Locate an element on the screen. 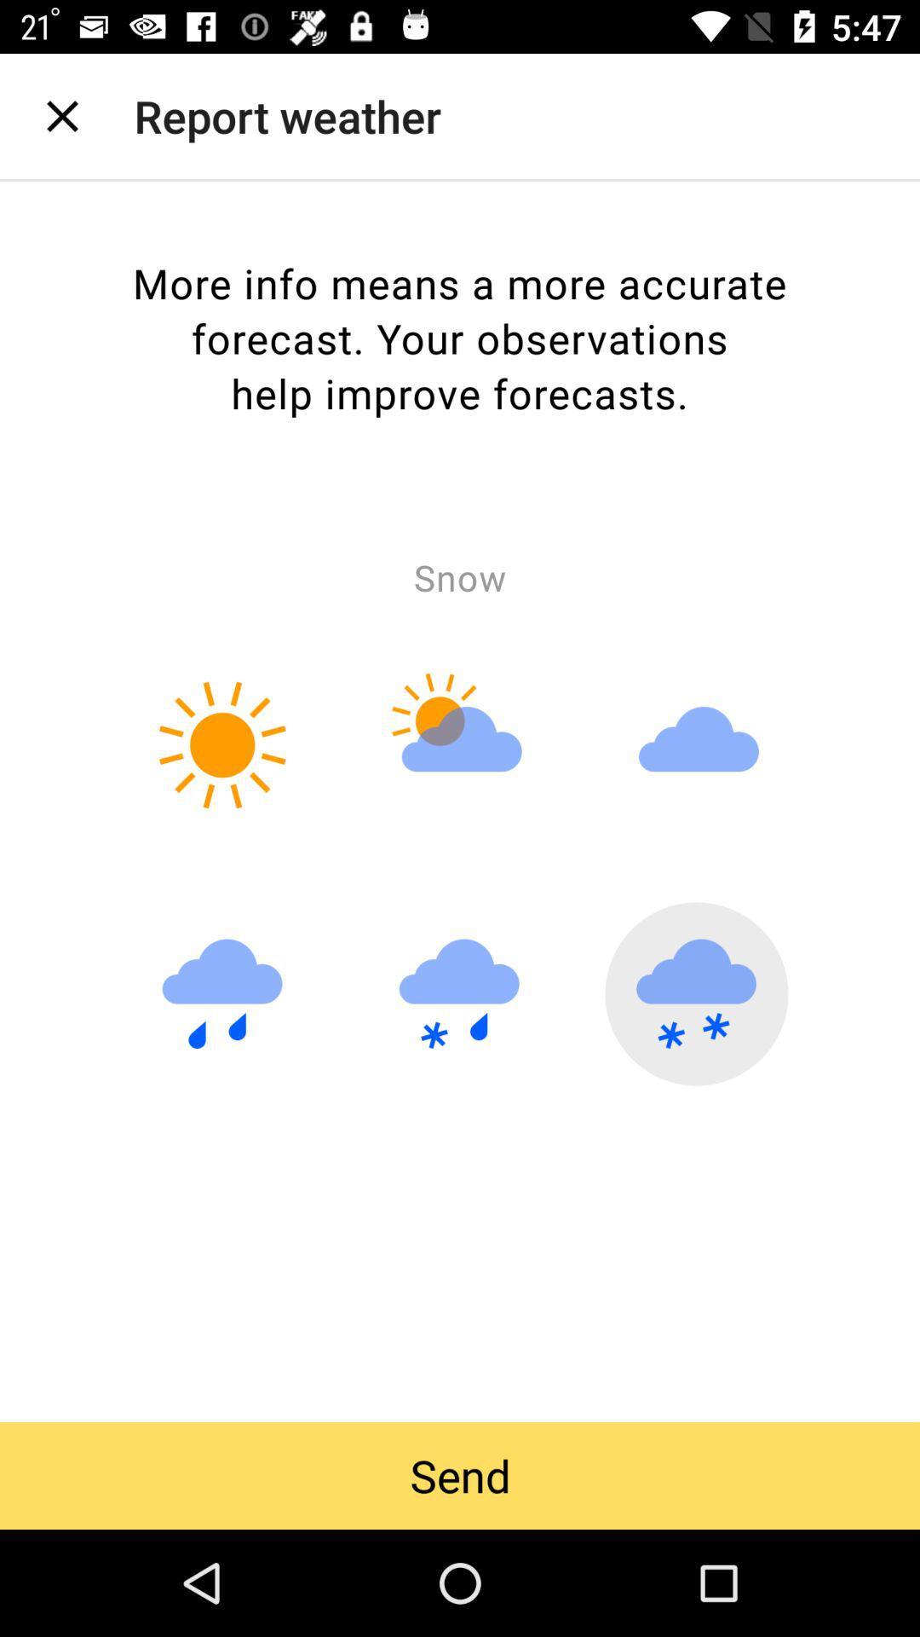 This screenshot has width=920, height=1637. the item next to the report weather item is located at coordinates (61, 115).